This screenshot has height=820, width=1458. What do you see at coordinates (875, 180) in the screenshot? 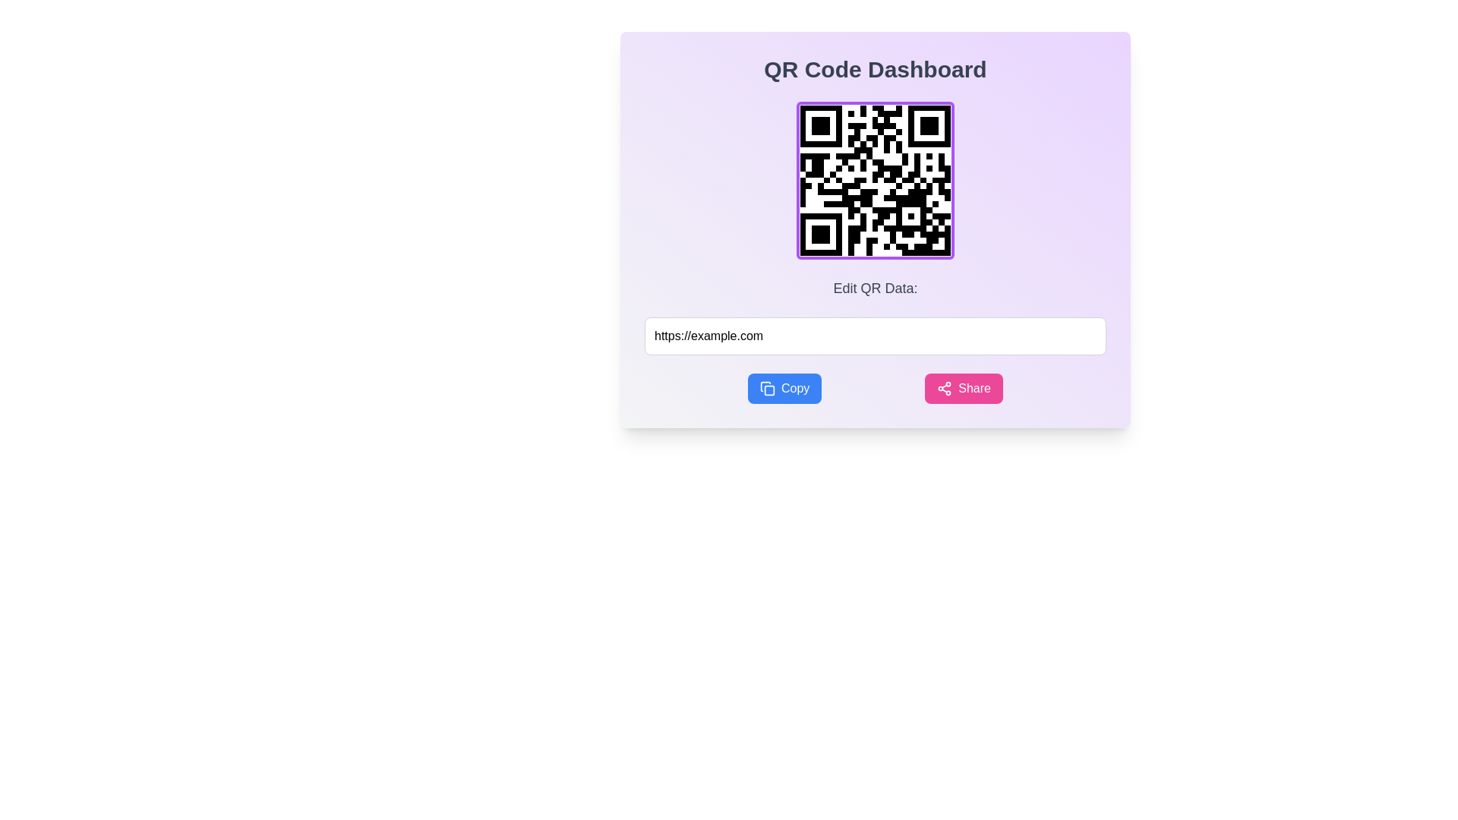
I see `the prominent QR code with a square grid-like pattern and a purple border` at bounding box center [875, 180].